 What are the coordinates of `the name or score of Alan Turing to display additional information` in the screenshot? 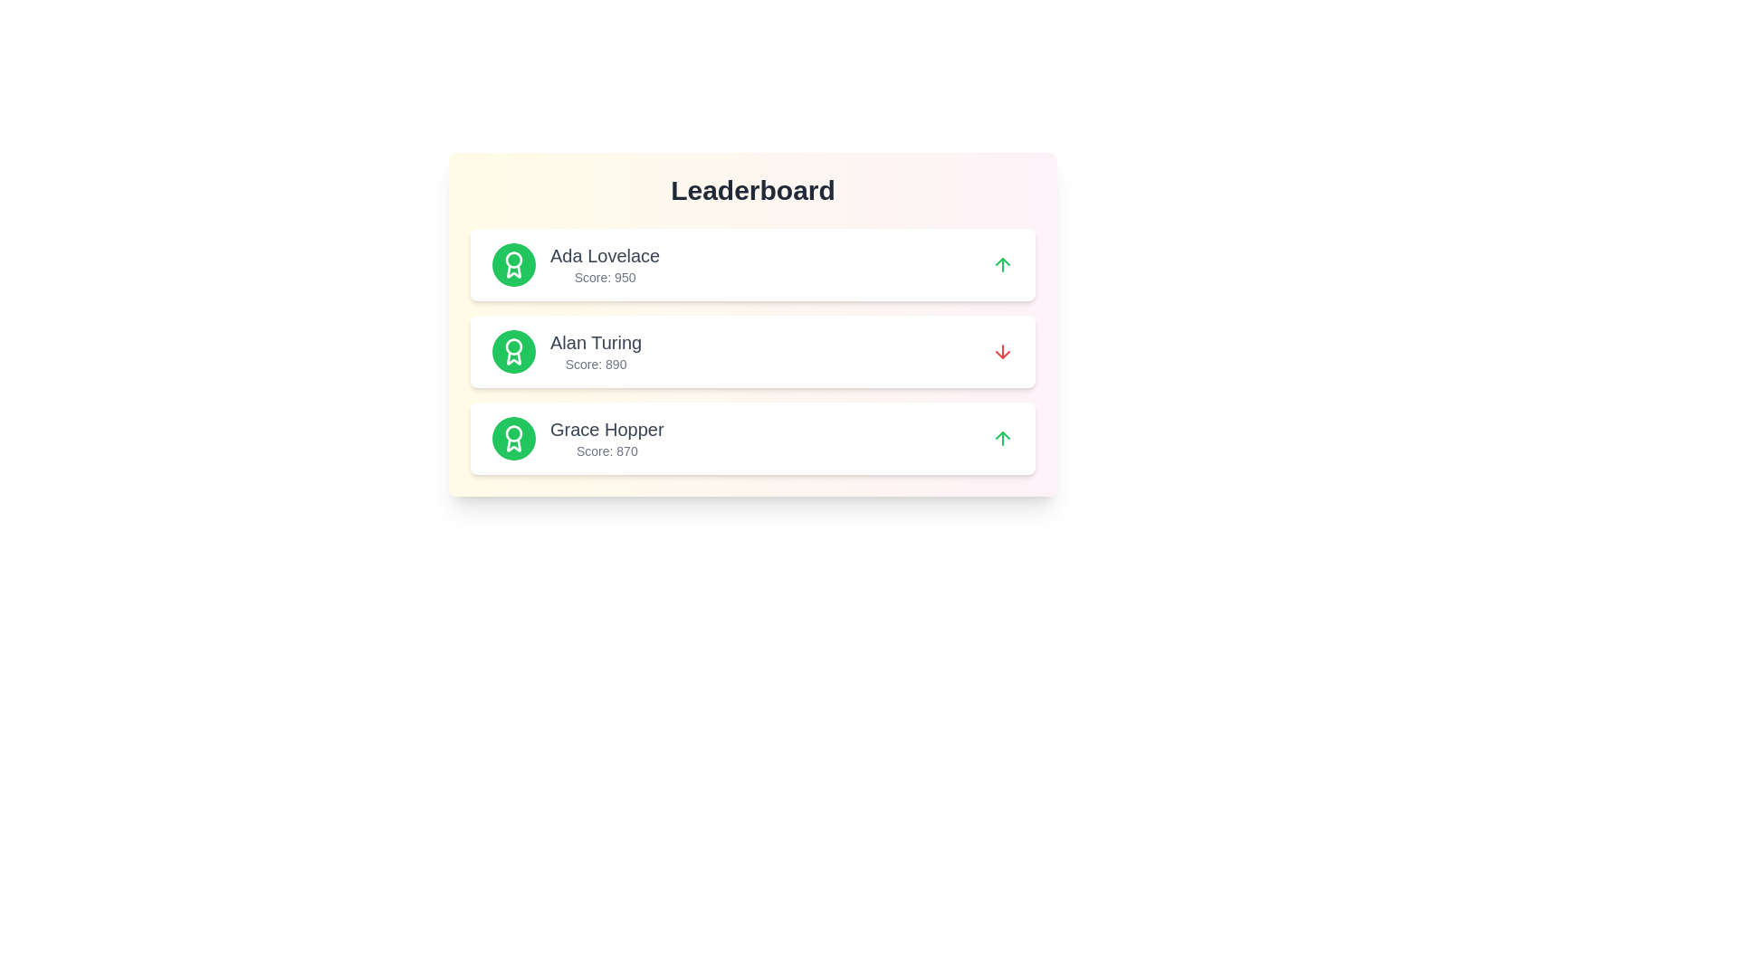 It's located at (596, 342).